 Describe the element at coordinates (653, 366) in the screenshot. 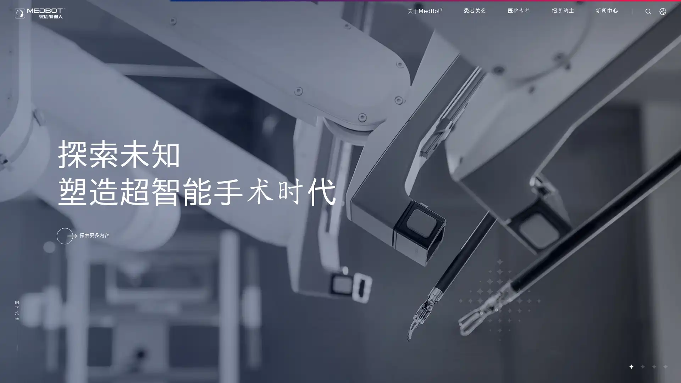

I see `Go to slide 3` at that location.